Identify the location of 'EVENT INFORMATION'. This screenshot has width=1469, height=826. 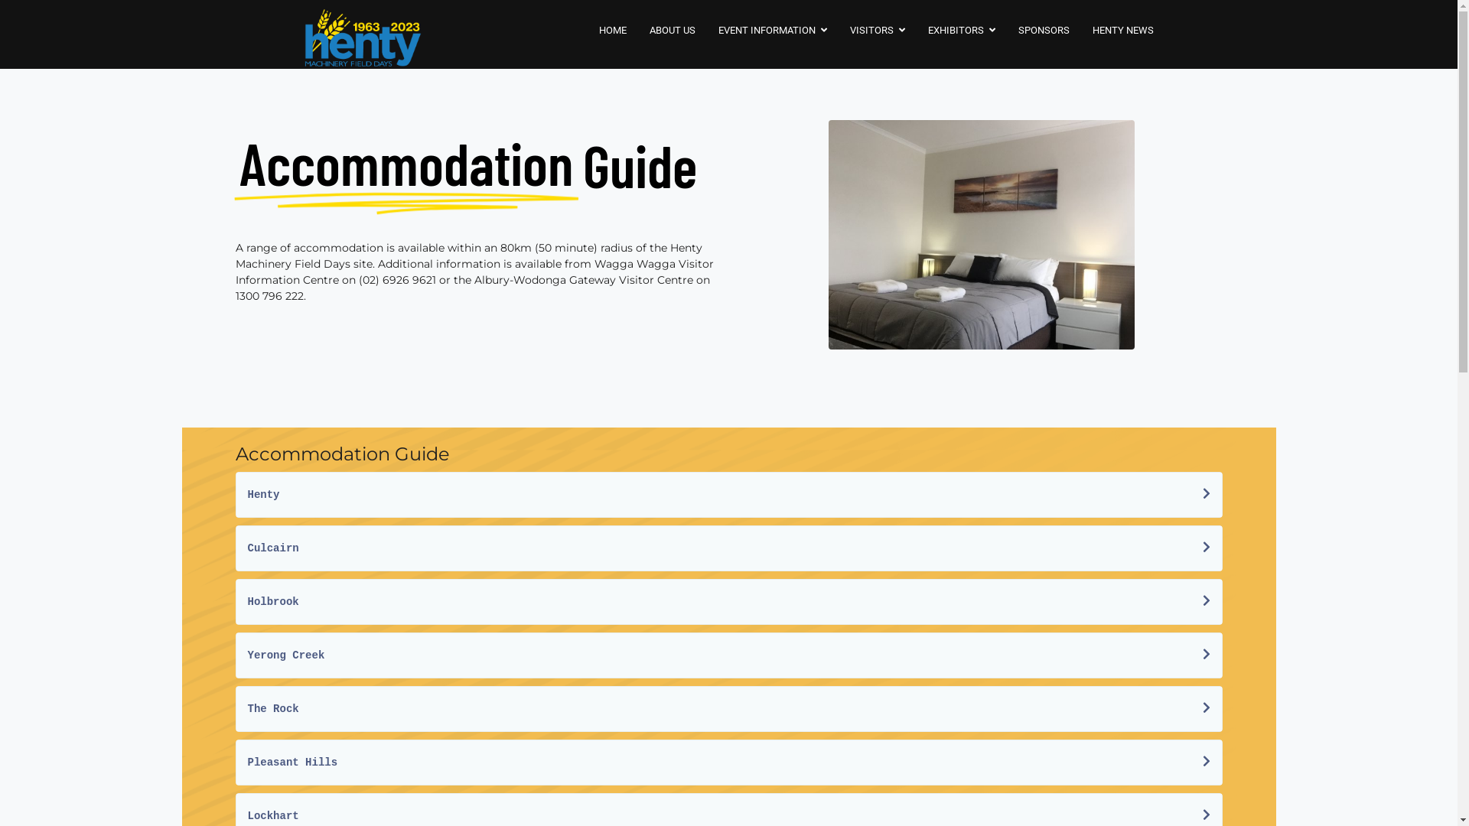
(772, 30).